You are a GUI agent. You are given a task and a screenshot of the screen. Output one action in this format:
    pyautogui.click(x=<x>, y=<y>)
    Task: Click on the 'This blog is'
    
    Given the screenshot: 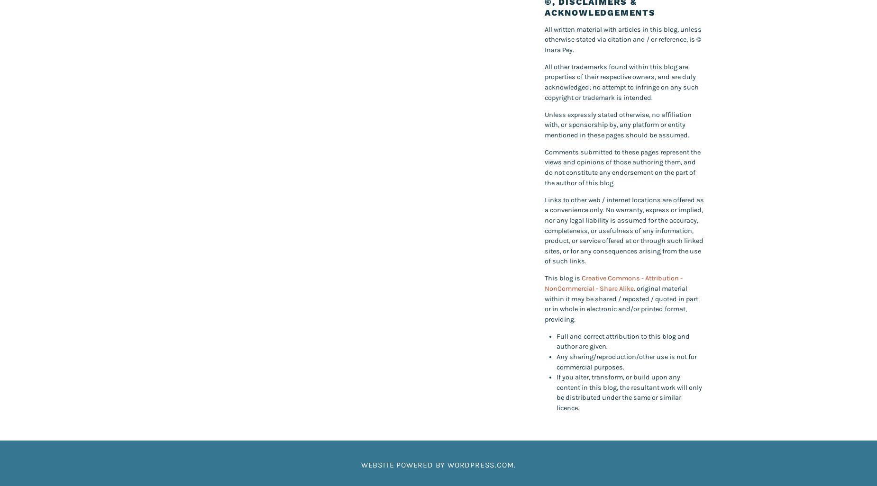 What is the action you would take?
    pyautogui.click(x=563, y=278)
    